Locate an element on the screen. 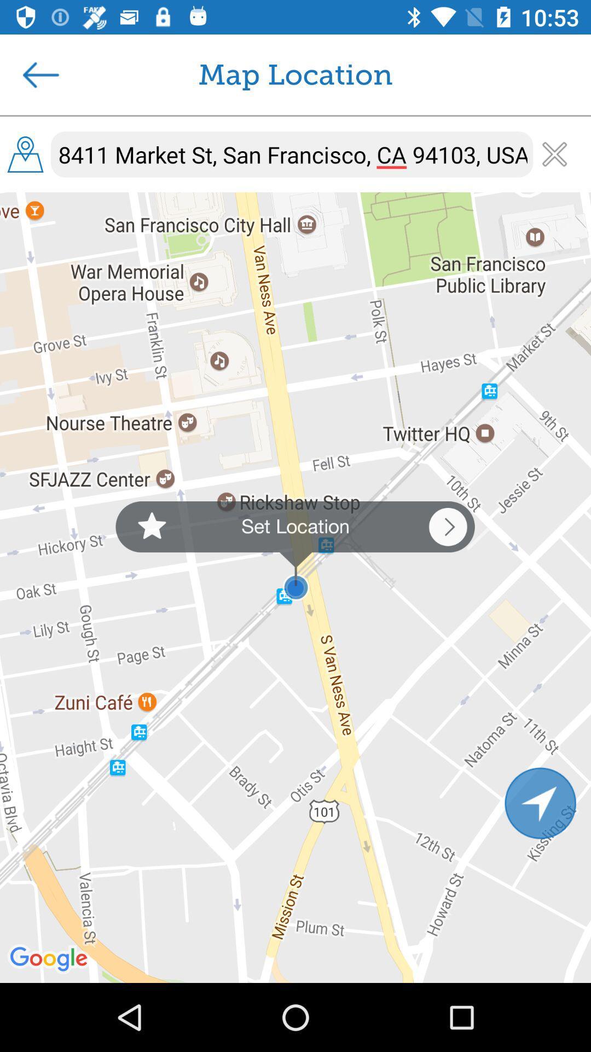  the 8411 market st icon is located at coordinates (291, 154).